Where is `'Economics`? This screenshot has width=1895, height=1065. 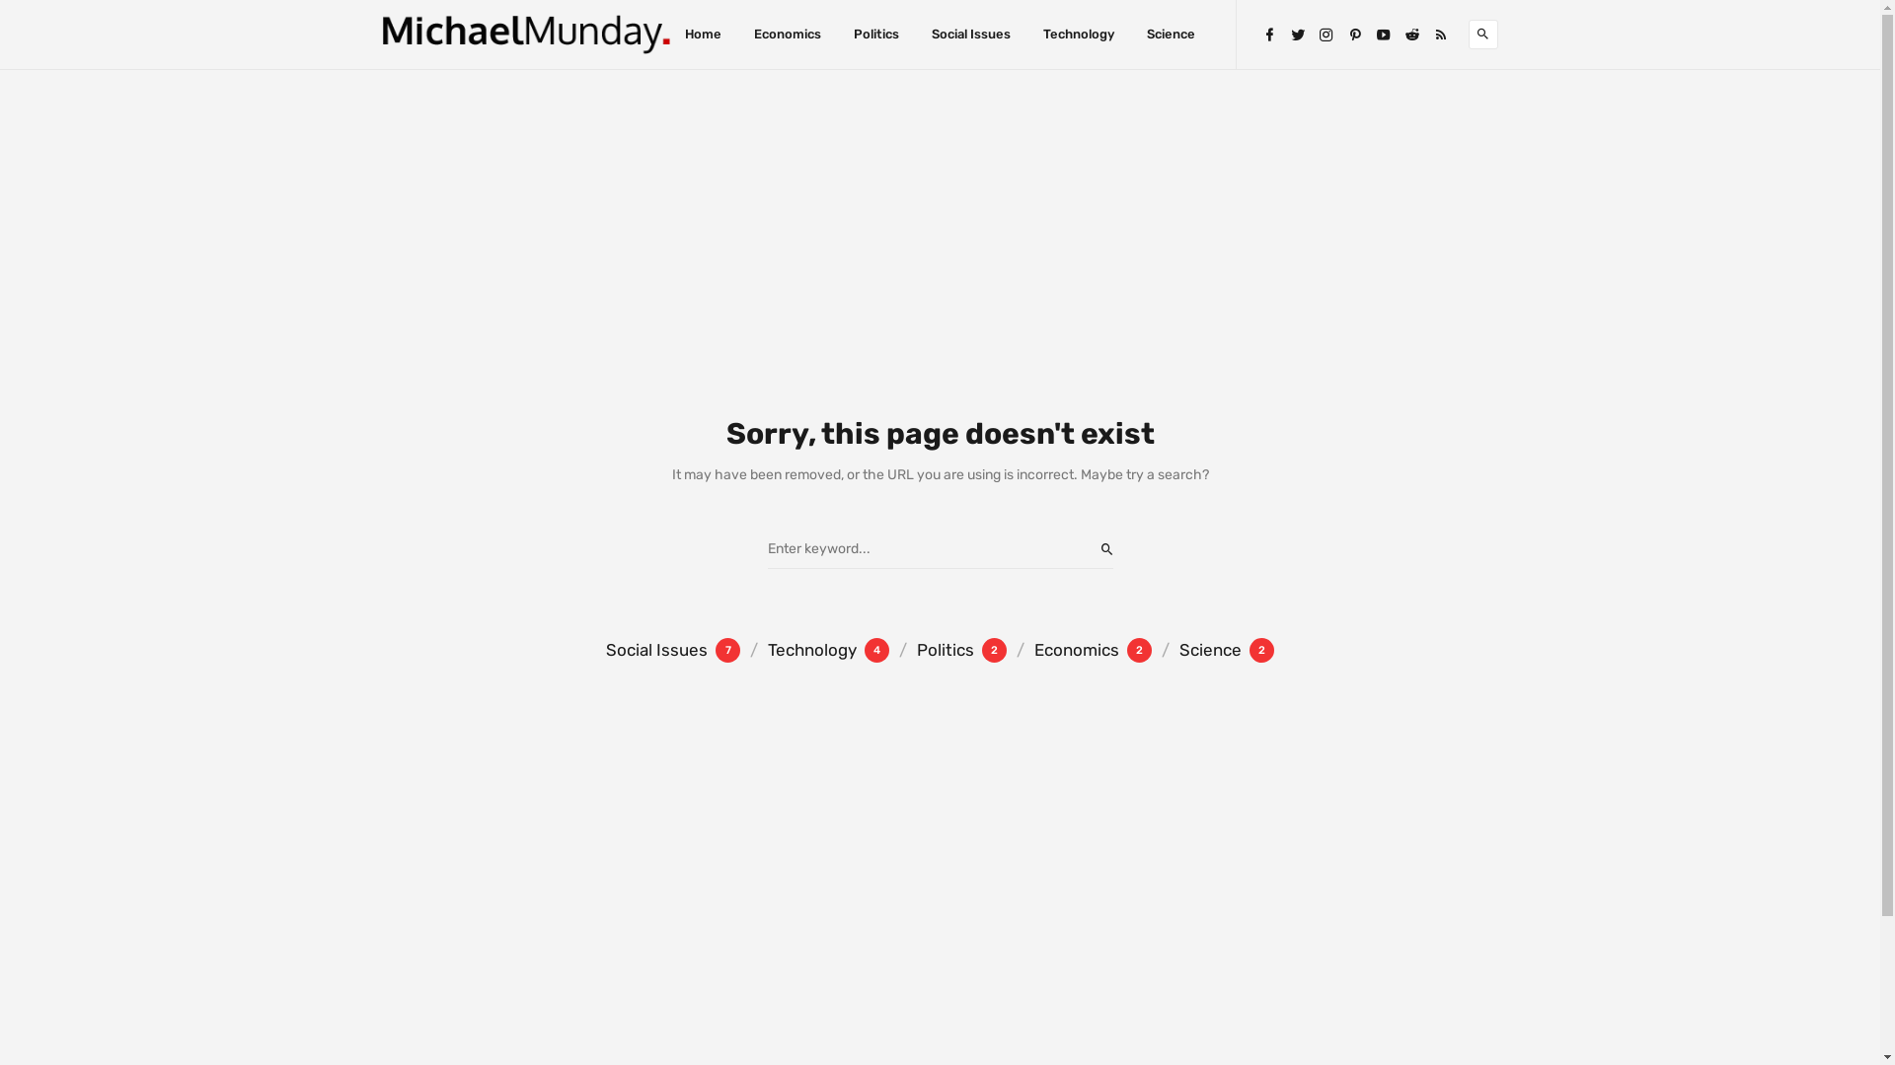
'Economics is located at coordinates (1006, 649).